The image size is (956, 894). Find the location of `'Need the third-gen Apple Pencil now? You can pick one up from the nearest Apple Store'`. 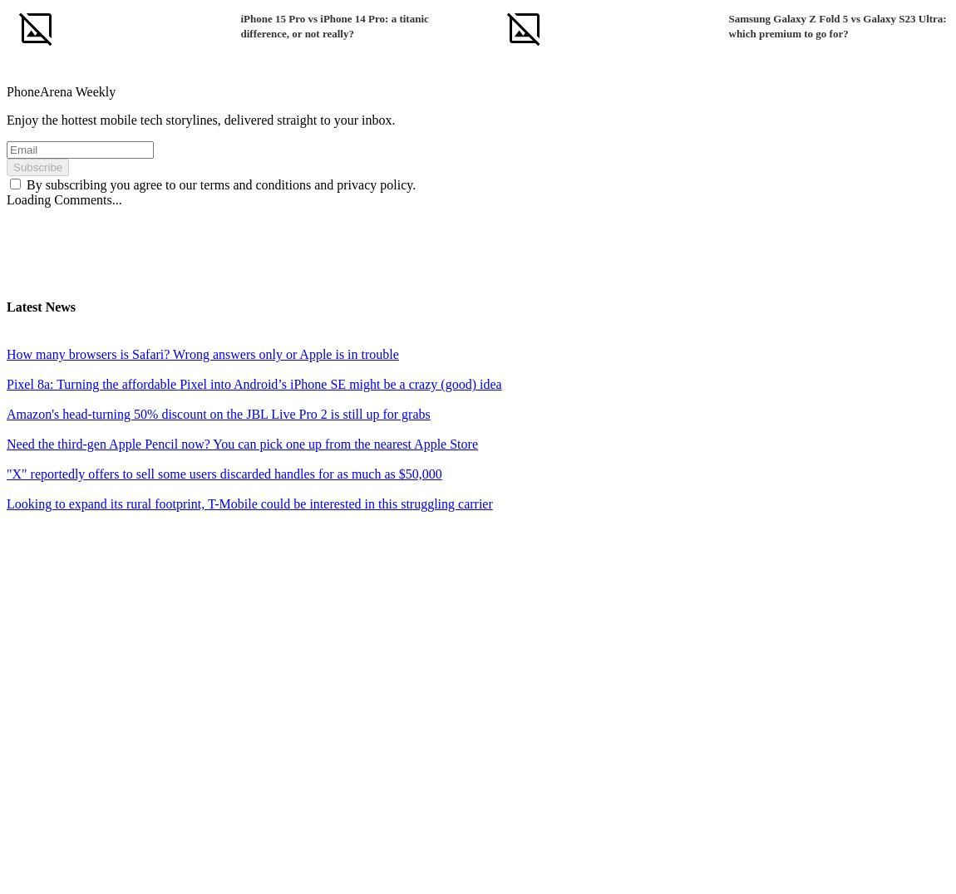

'Need the third-gen Apple Pencil now? You can pick one up from the nearest Apple Store' is located at coordinates (241, 444).